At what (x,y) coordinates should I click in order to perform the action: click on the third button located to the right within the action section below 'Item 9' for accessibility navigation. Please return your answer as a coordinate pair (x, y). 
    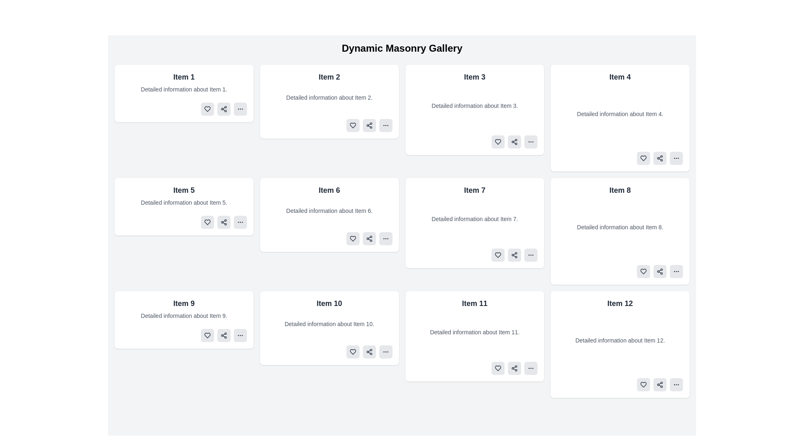
    Looking at the image, I should click on (240, 335).